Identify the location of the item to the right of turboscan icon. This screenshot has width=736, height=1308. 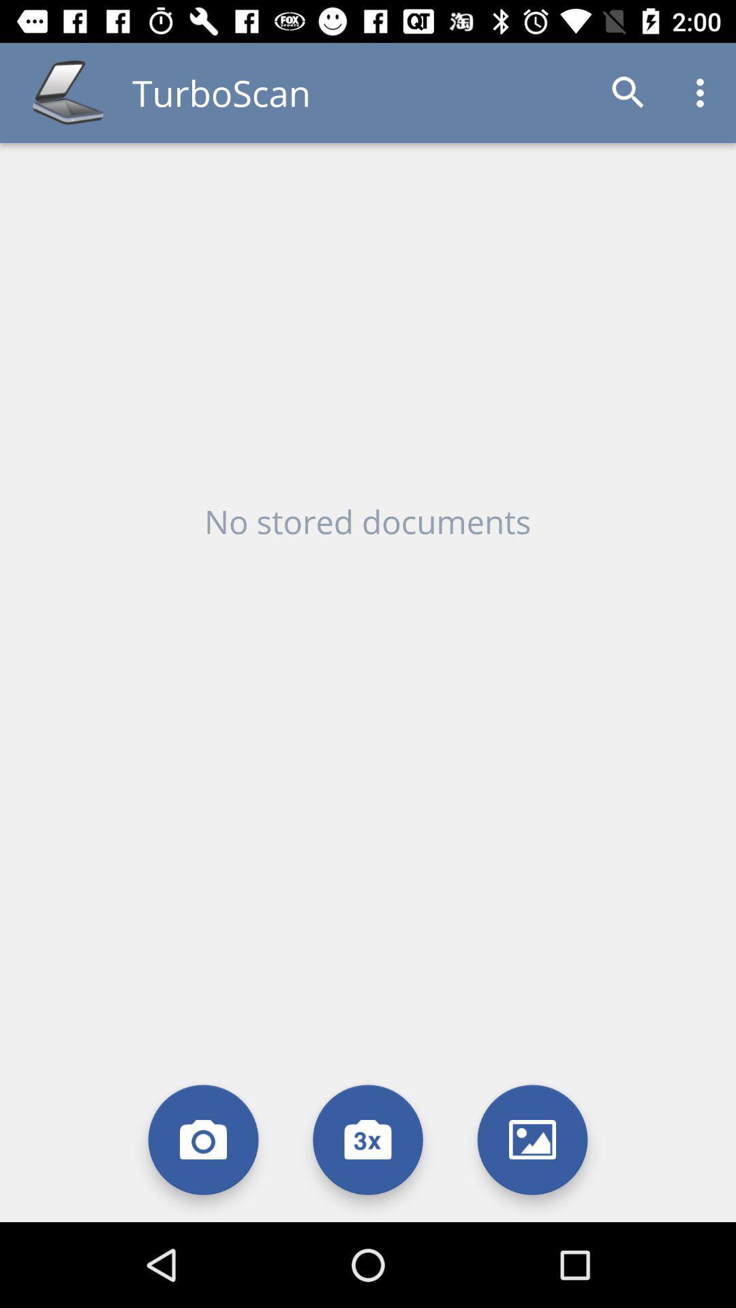
(628, 92).